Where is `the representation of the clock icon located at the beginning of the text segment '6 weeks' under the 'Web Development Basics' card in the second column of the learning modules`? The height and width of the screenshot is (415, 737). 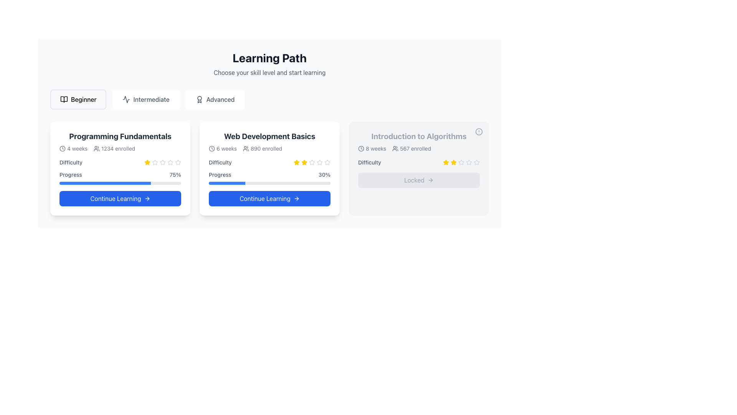 the representation of the clock icon located at the beginning of the text segment '6 weeks' under the 'Web Development Basics' card in the second column of the learning modules is located at coordinates (212, 148).